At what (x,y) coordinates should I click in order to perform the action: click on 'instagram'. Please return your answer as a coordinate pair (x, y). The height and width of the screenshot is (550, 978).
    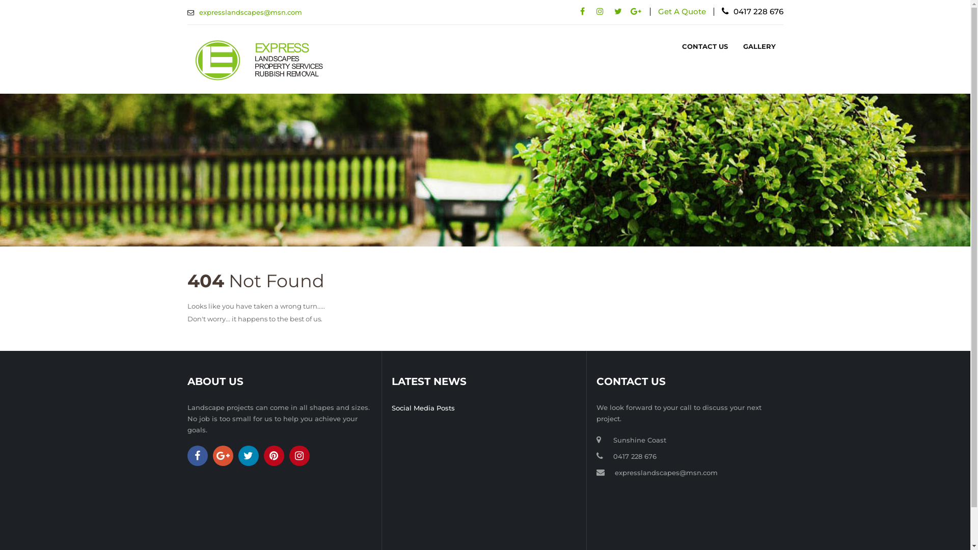
    Looking at the image, I should click on (600, 11).